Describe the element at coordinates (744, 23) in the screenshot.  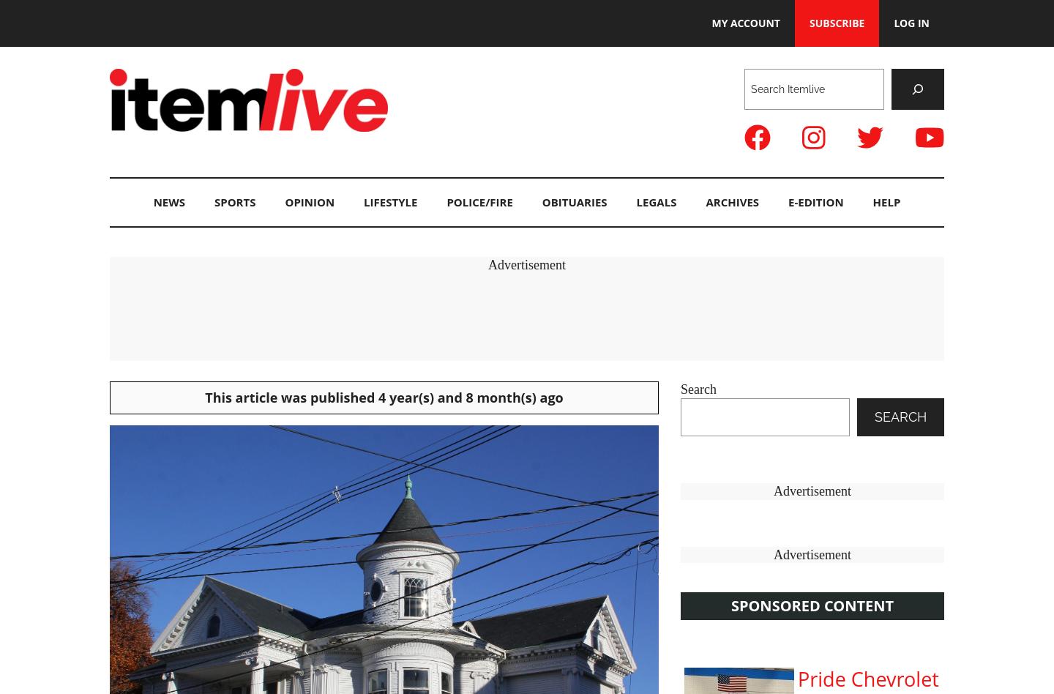
I see `'My Account'` at that location.